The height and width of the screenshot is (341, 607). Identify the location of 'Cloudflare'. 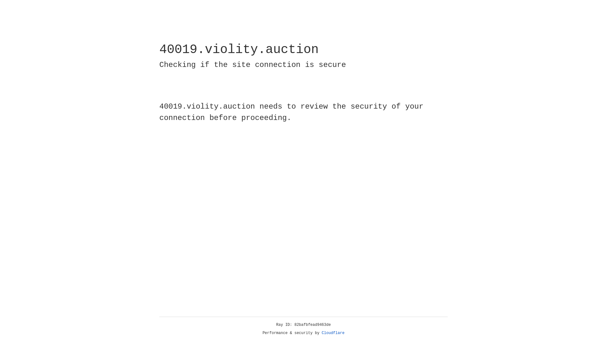
(333, 333).